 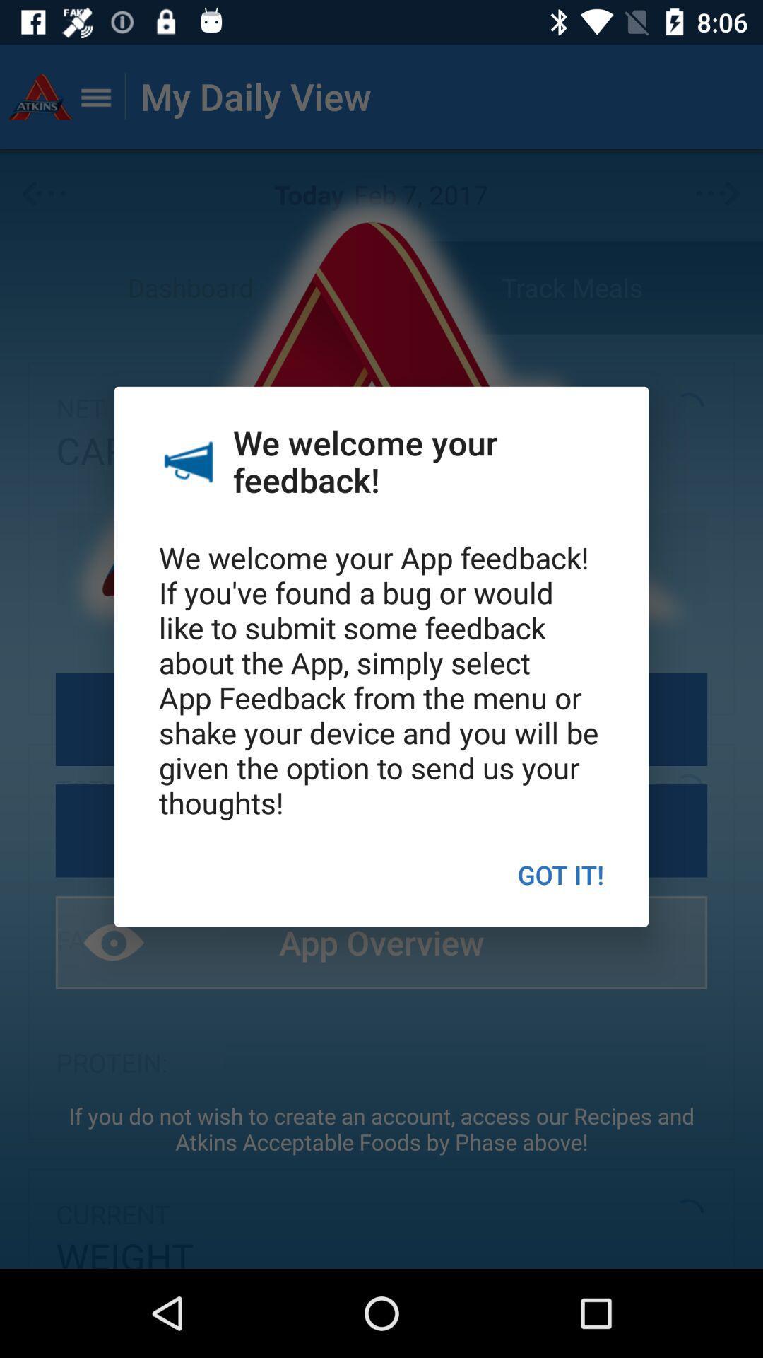 What do you see at coordinates (560, 874) in the screenshot?
I see `the got it! icon` at bounding box center [560, 874].